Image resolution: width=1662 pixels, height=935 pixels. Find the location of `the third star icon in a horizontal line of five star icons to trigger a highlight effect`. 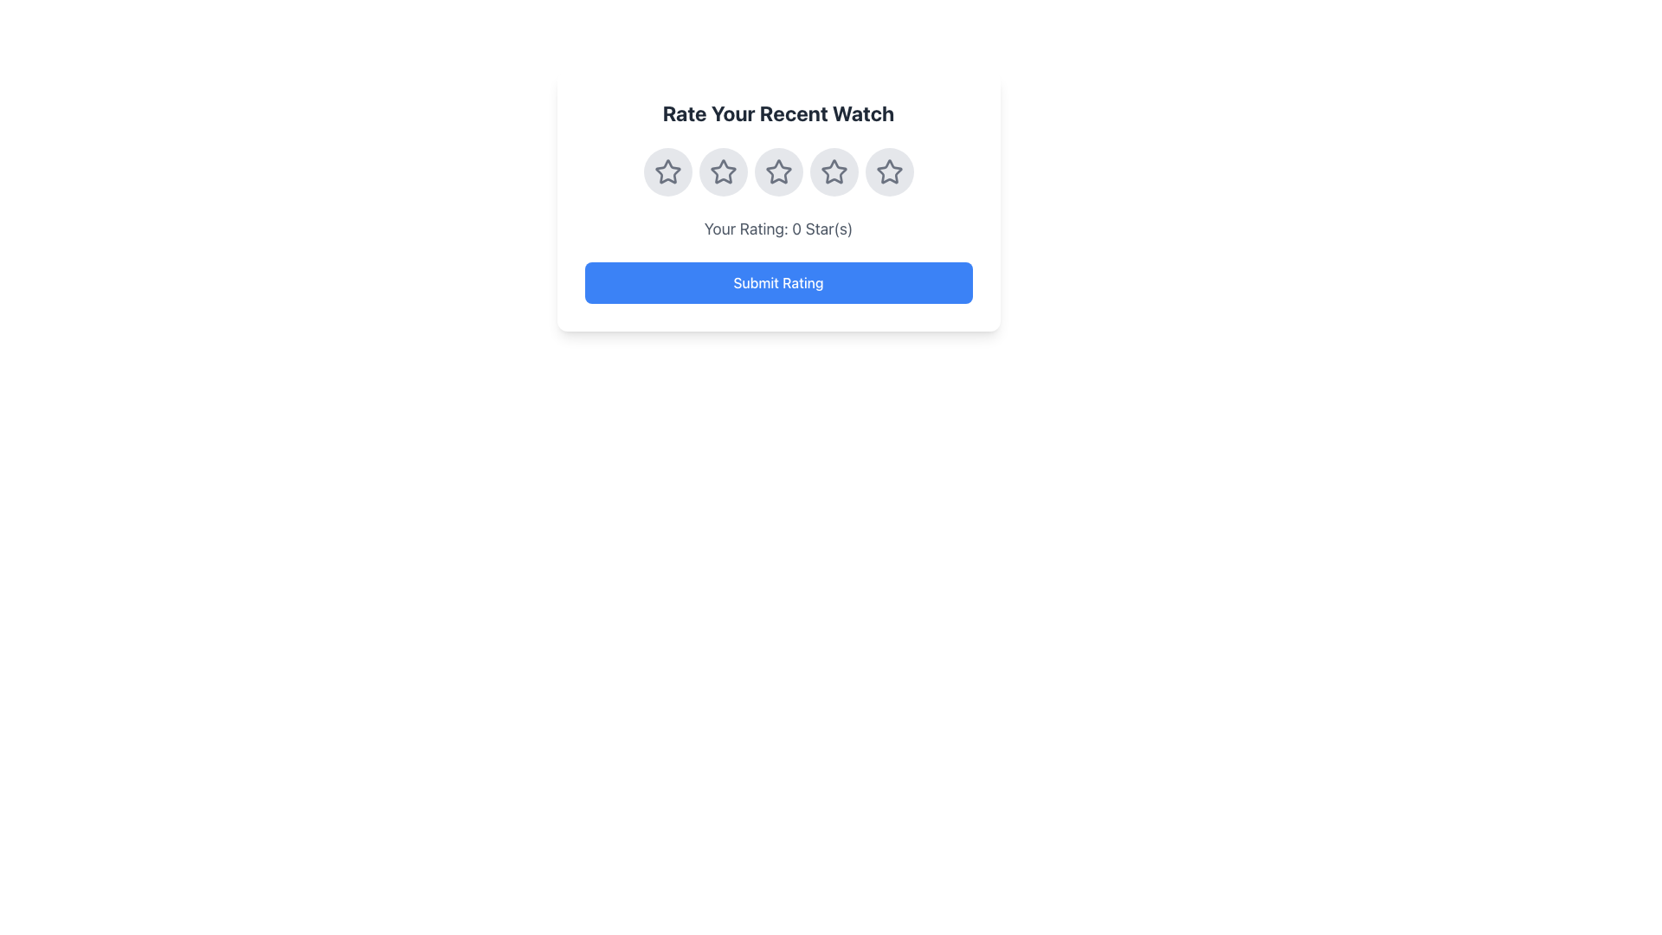

the third star icon in a horizontal line of five star icons to trigger a highlight effect is located at coordinates (834, 172).